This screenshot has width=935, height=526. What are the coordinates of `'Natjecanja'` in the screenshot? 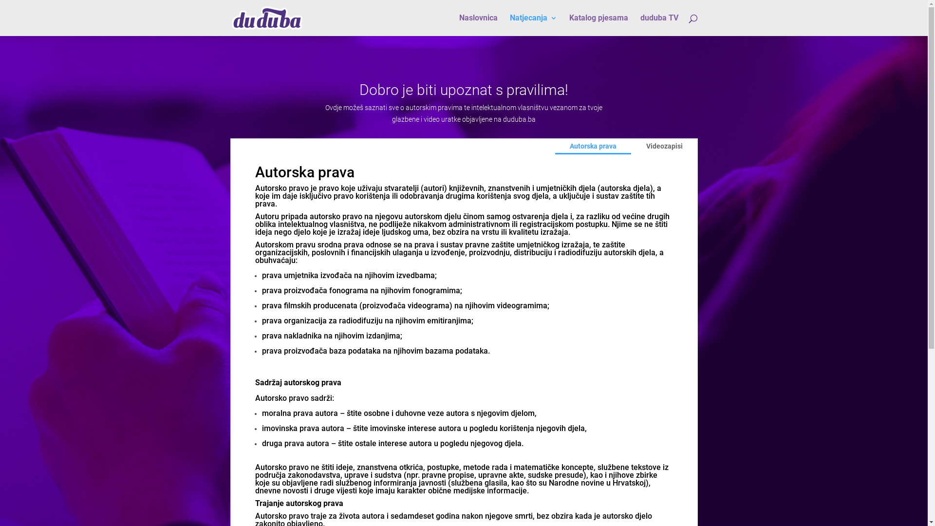 It's located at (509, 24).